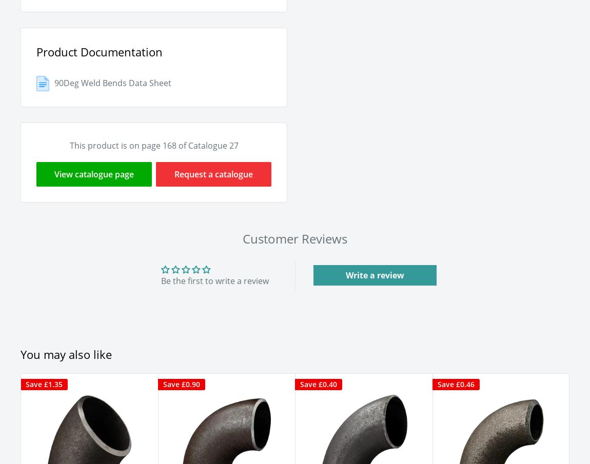 The height and width of the screenshot is (464, 590). What do you see at coordinates (327, 383) in the screenshot?
I see `'£0.40'` at bounding box center [327, 383].